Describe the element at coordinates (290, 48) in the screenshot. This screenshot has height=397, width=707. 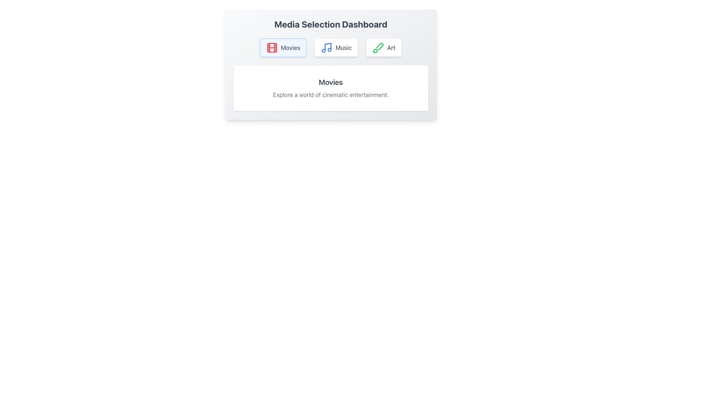
I see `the text label for the media category 'Movies', which is positioned to the right of a red film strip icon in the media dashboard interface` at that location.